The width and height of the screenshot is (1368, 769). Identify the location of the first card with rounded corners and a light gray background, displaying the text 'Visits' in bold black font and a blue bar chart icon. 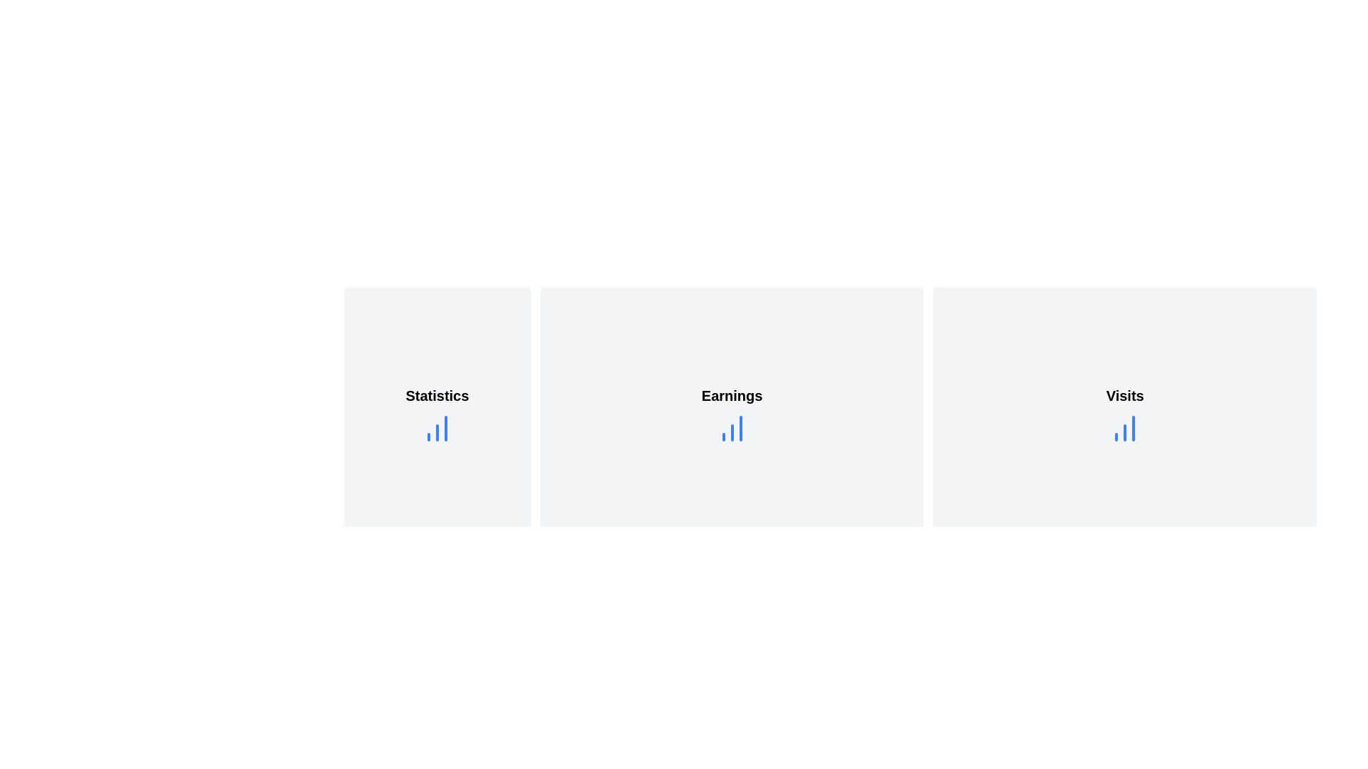
(1124, 415).